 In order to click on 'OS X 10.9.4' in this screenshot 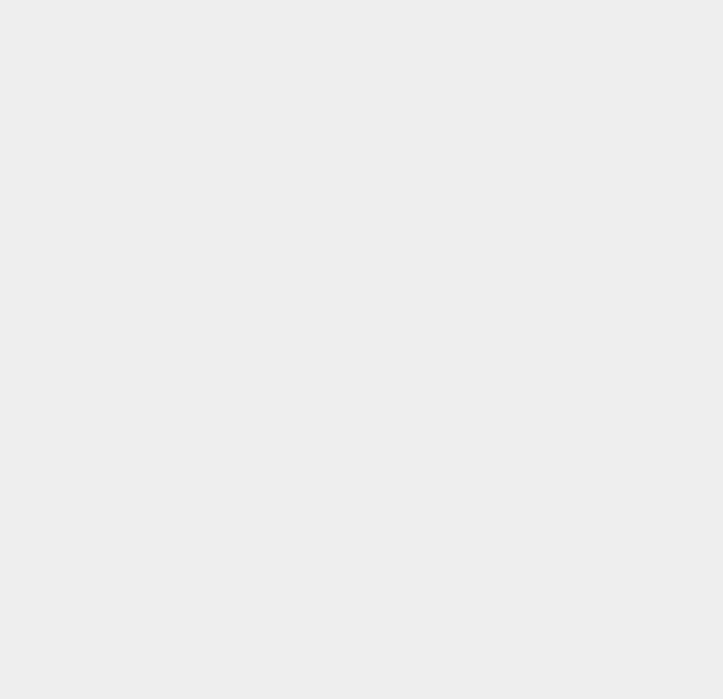, I will do `click(535, 16)`.